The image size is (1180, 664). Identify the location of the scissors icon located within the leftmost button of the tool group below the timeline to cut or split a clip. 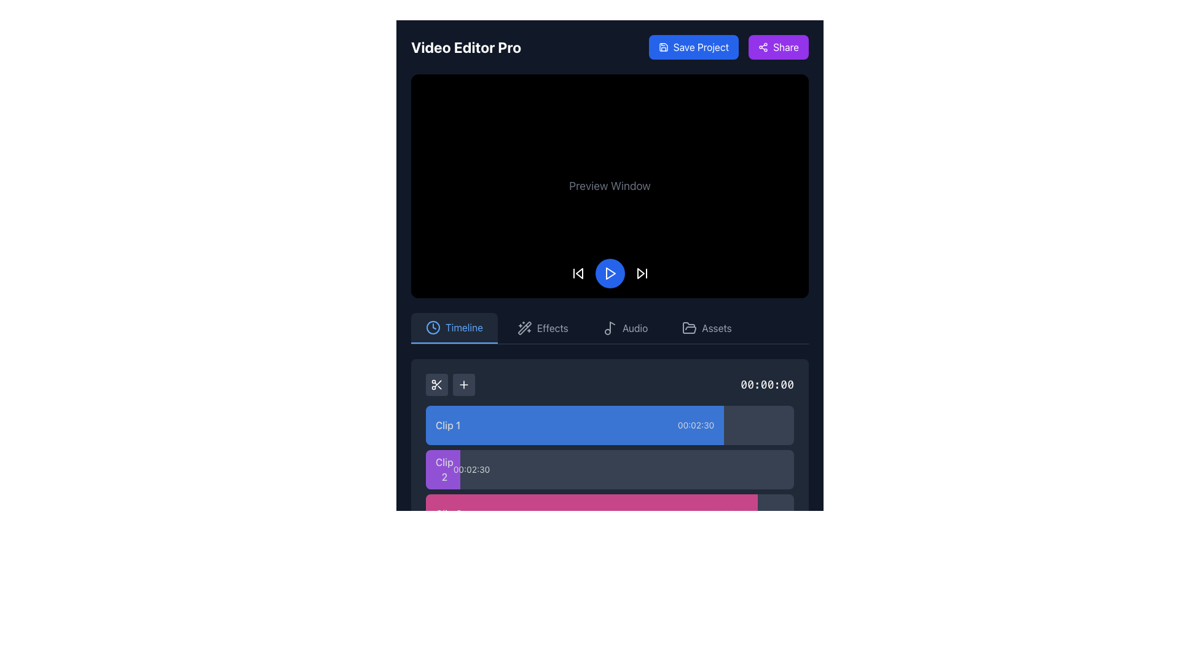
(436, 383).